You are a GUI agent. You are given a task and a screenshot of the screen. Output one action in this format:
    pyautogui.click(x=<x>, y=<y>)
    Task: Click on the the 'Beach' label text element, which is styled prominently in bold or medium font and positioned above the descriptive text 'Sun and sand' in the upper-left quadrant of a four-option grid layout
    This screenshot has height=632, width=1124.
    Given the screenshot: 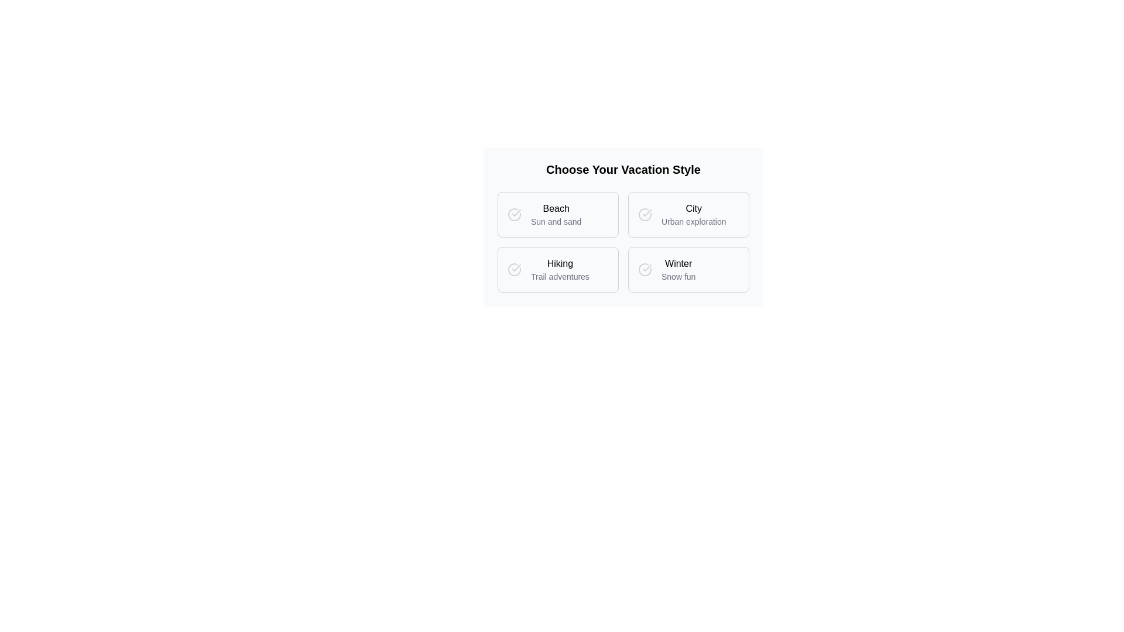 What is the action you would take?
    pyautogui.click(x=556, y=208)
    